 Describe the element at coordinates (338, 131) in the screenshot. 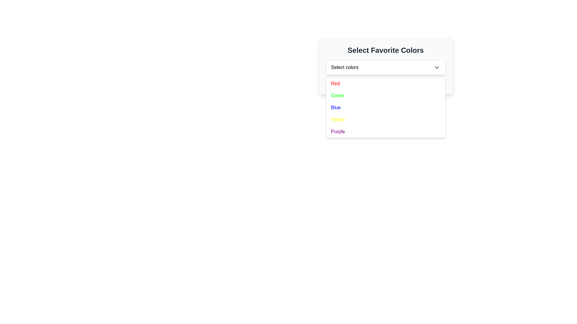

I see `the selectable option labeled 'Purple' within the dropdown menu under 'Select Favorite Colors'` at that location.